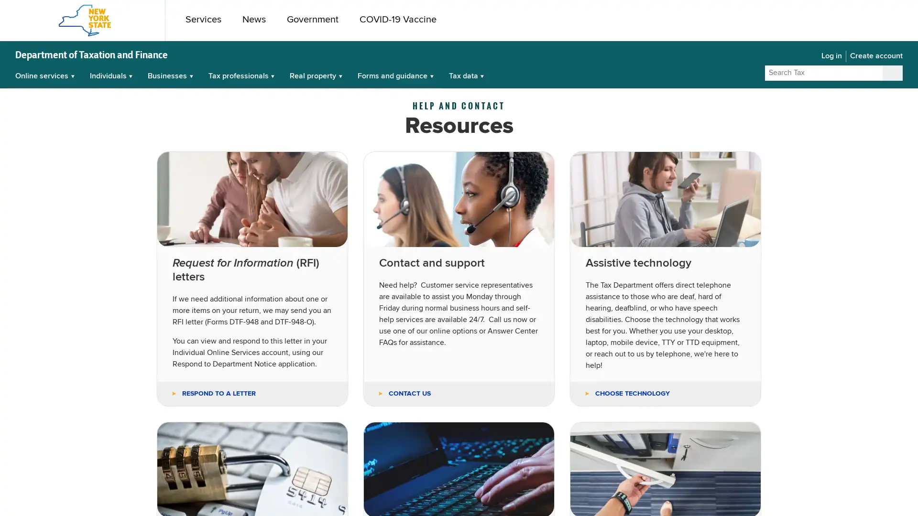 The width and height of the screenshot is (918, 516). I want to click on Search Tax, so click(892, 73).